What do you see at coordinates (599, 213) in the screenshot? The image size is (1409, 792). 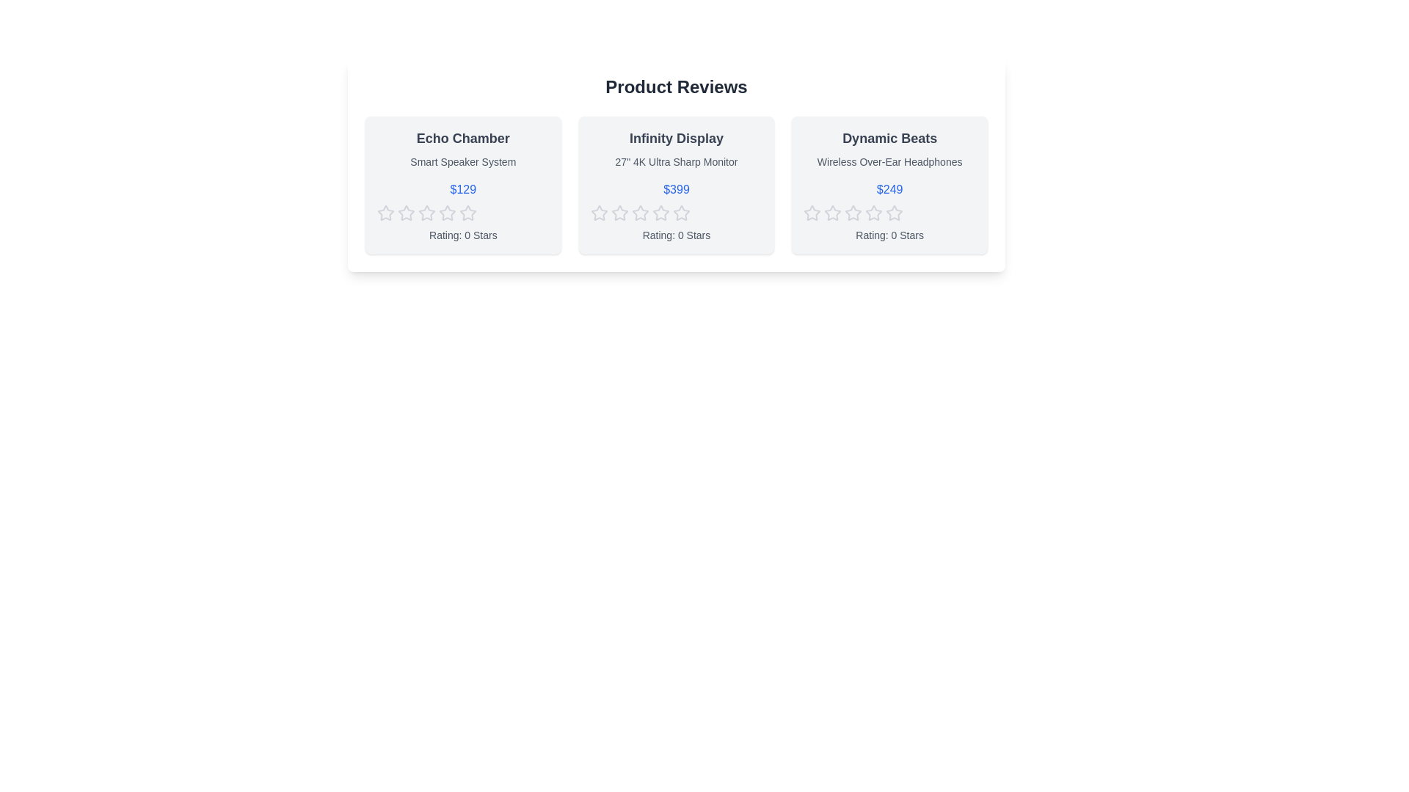 I see `the first star icon in the 5-star rating system for the product labeled 'Infinity Display'` at bounding box center [599, 213].